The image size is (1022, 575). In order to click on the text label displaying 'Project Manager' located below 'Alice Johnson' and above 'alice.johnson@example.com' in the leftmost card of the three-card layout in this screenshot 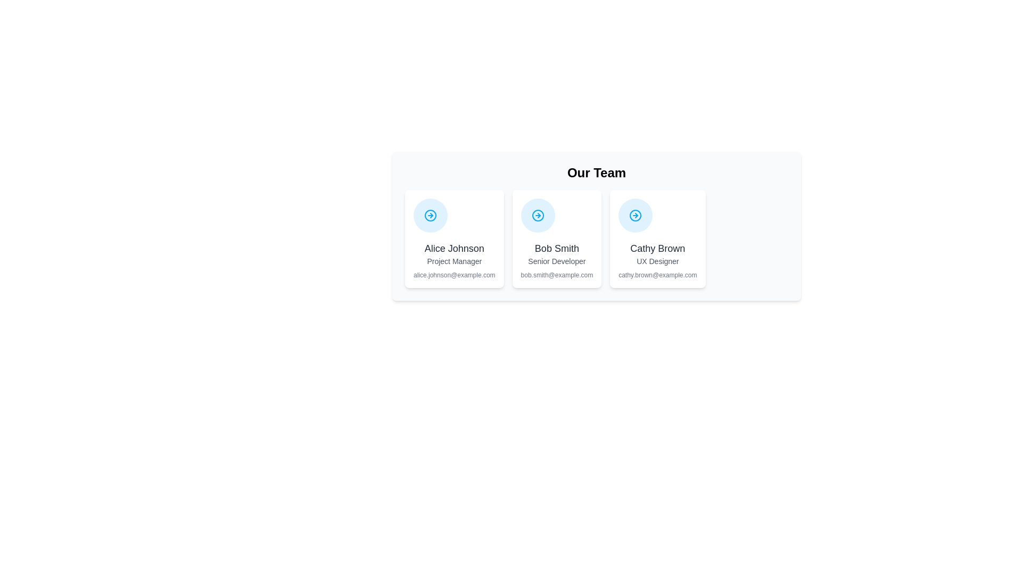, I will do `click(454, 261)`.